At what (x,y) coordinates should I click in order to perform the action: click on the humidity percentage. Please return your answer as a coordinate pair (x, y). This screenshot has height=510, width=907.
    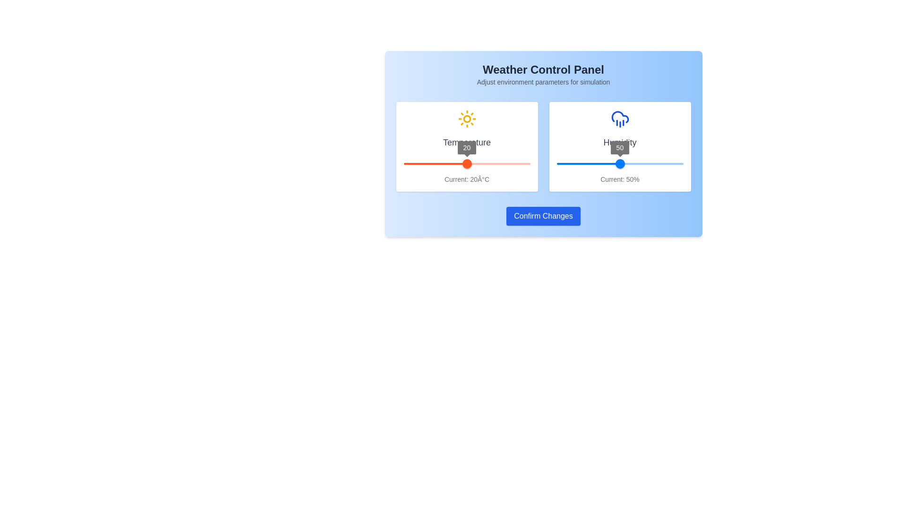
    Looking at the image, I should click on (600, 163).